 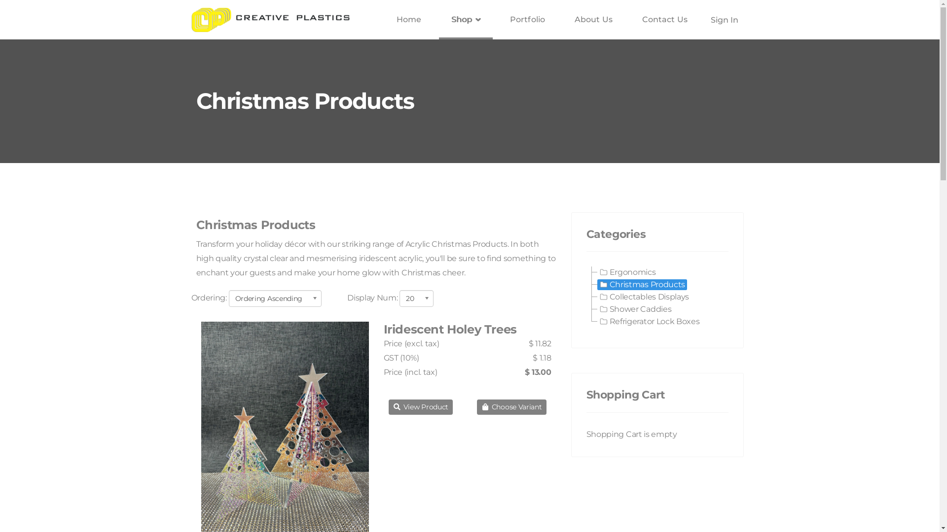 What do you see at coordinates (642, 285) in the screenshot?
I see `'Christmas Products'` at bounding box center [642, 285].